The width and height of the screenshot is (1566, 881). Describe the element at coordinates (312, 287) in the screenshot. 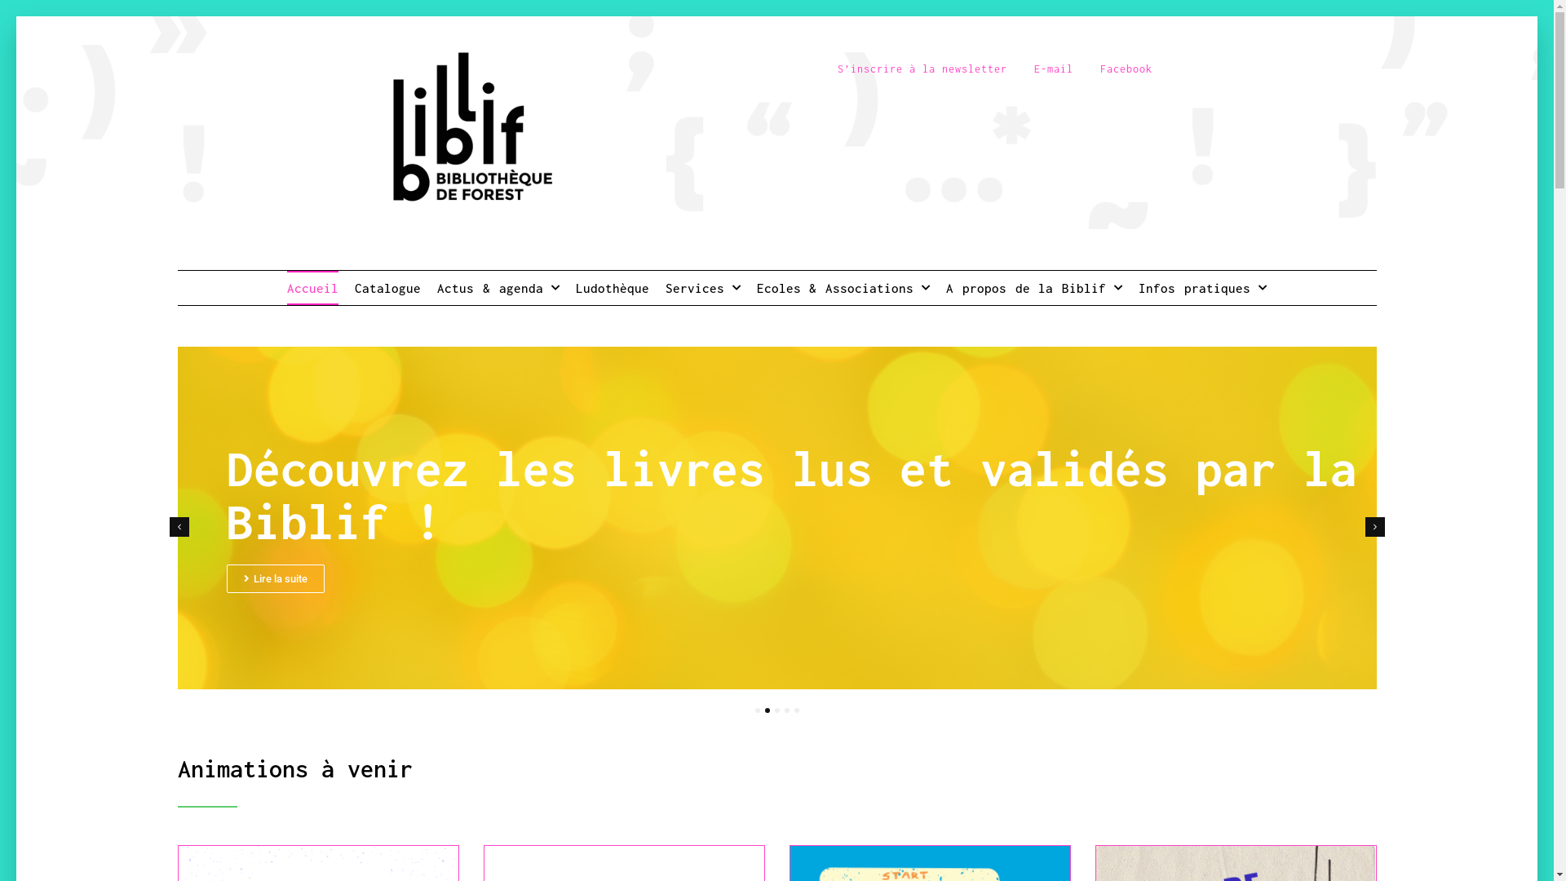

I see `'Accueil'` at that location.